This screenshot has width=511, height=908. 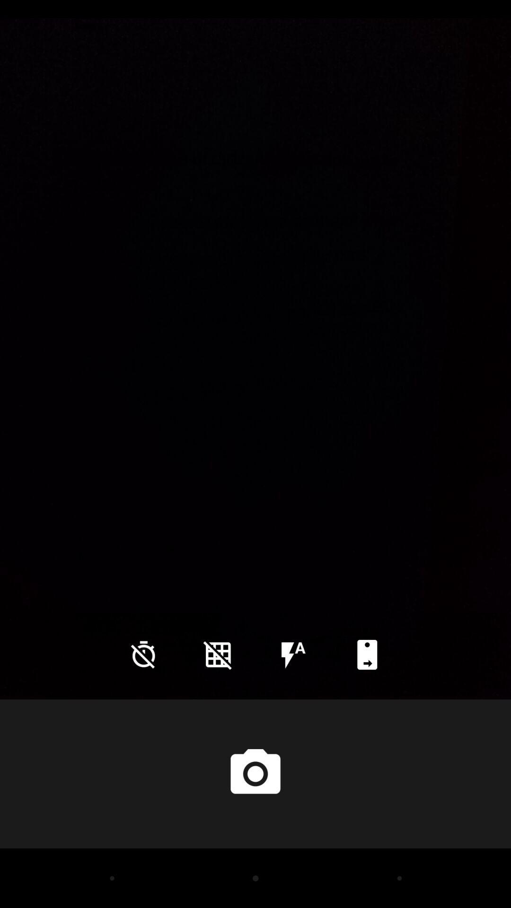 I want to click on the icon at the bottom left corner, so click(x=143, y=654).